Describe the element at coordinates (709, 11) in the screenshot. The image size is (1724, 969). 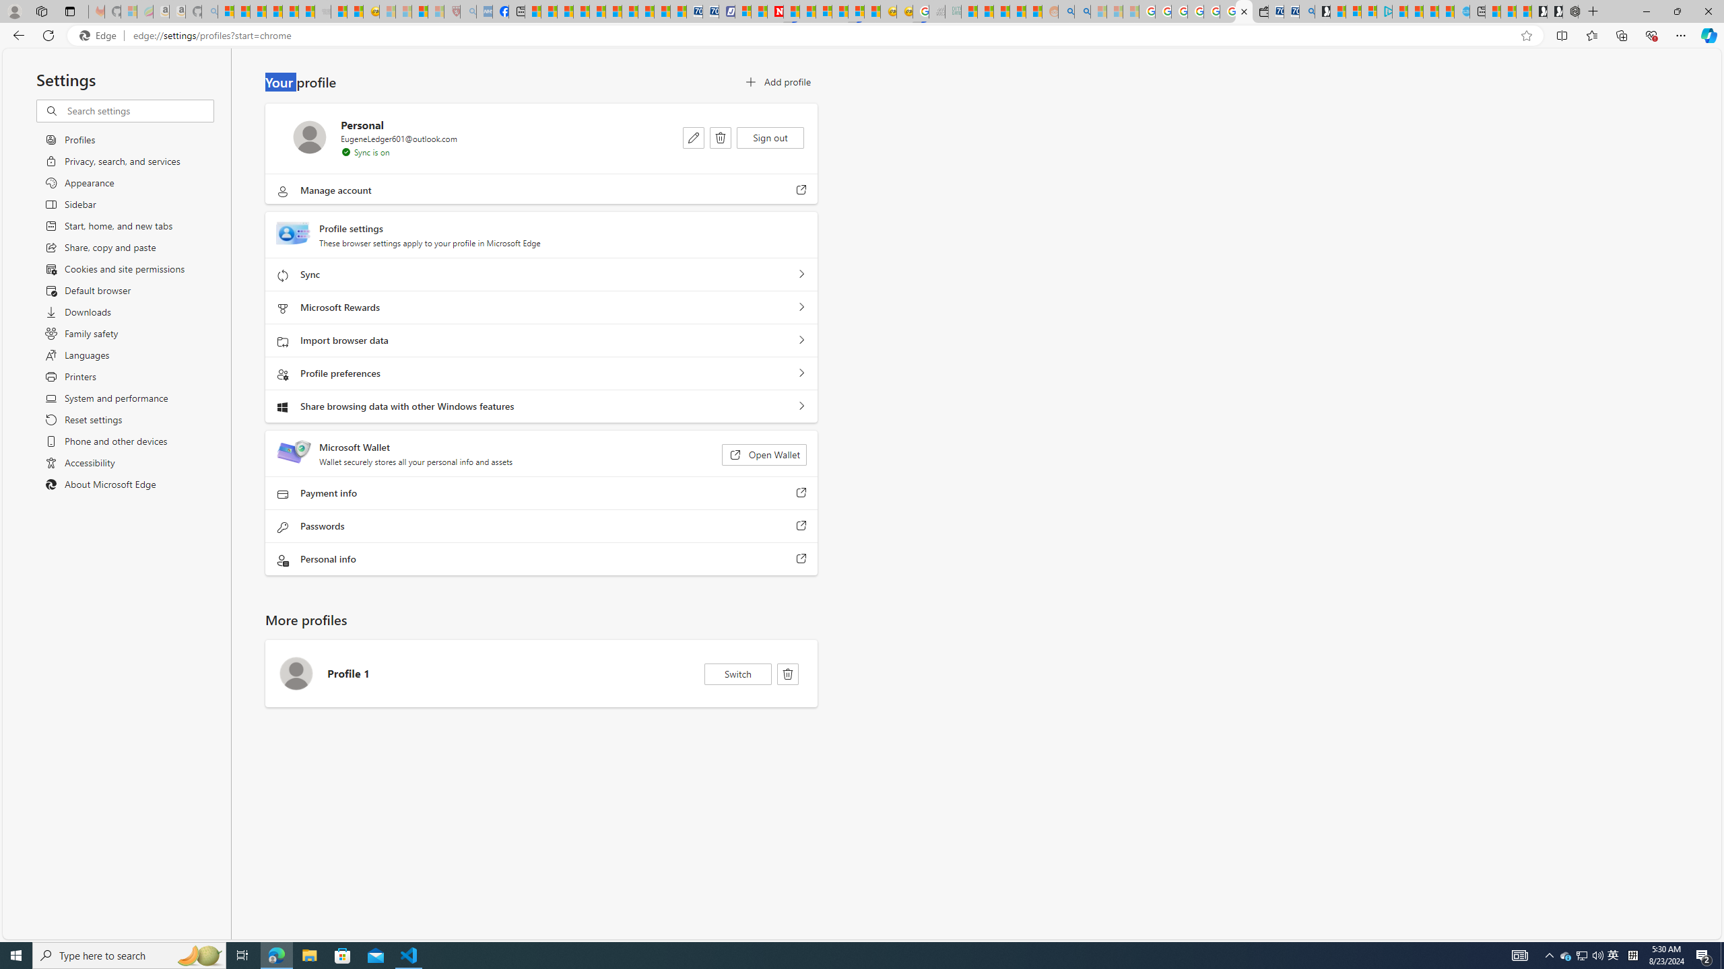
I see `'Cheap Hotels - Save70.com'` at that location.